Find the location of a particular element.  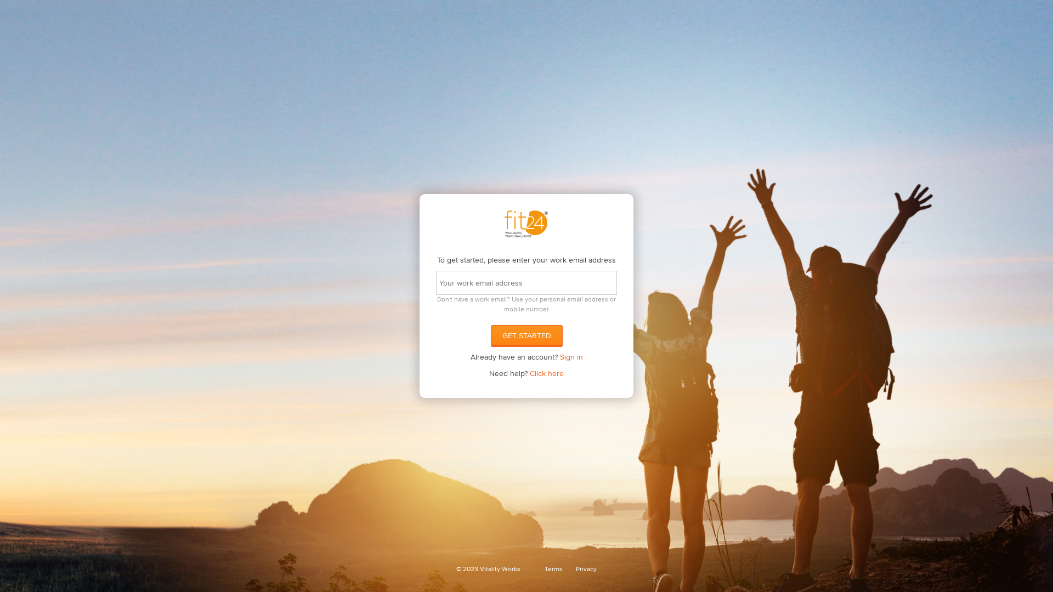

'Privacy' is located at coordinates (586, 568).